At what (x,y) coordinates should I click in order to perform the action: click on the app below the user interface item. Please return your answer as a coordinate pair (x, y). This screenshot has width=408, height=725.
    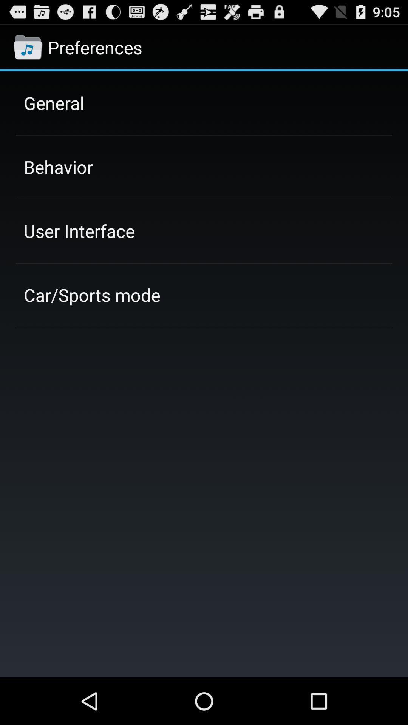
    Looking at the image, I should click on (91, 295).